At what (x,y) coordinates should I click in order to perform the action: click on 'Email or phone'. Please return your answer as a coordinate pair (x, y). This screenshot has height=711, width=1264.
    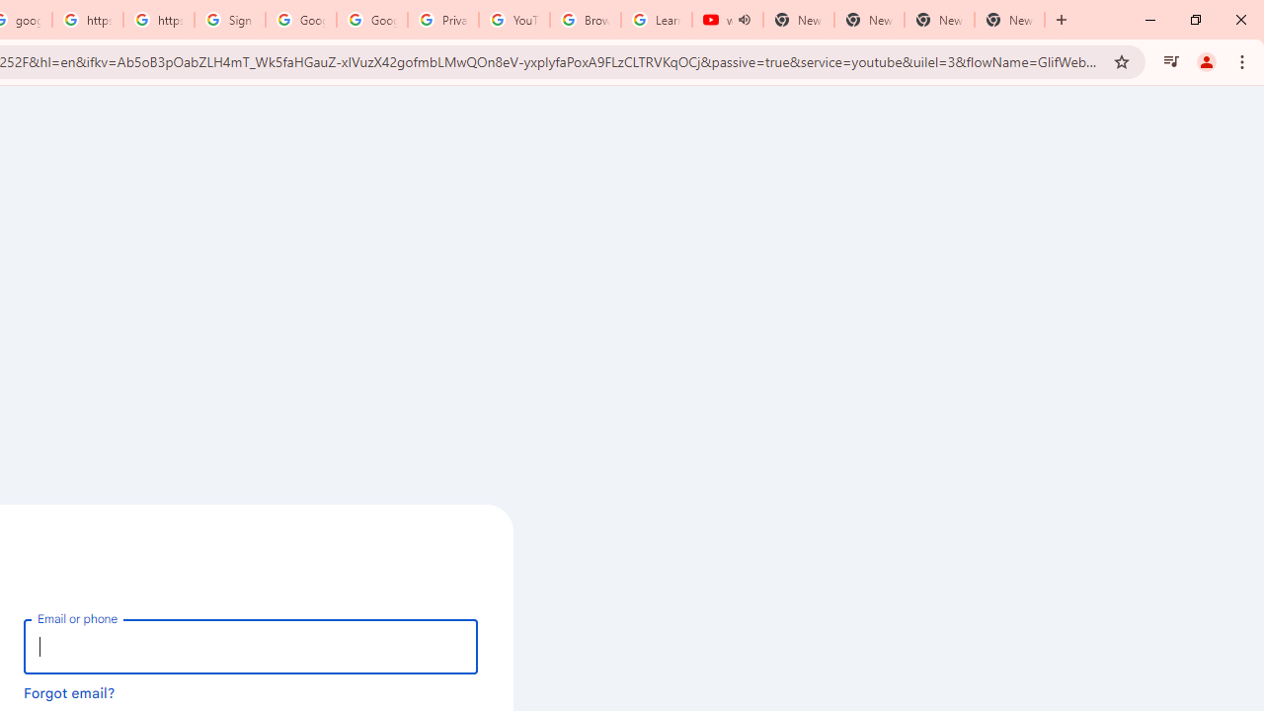
    Looking at the image, I should click on (250, 646).